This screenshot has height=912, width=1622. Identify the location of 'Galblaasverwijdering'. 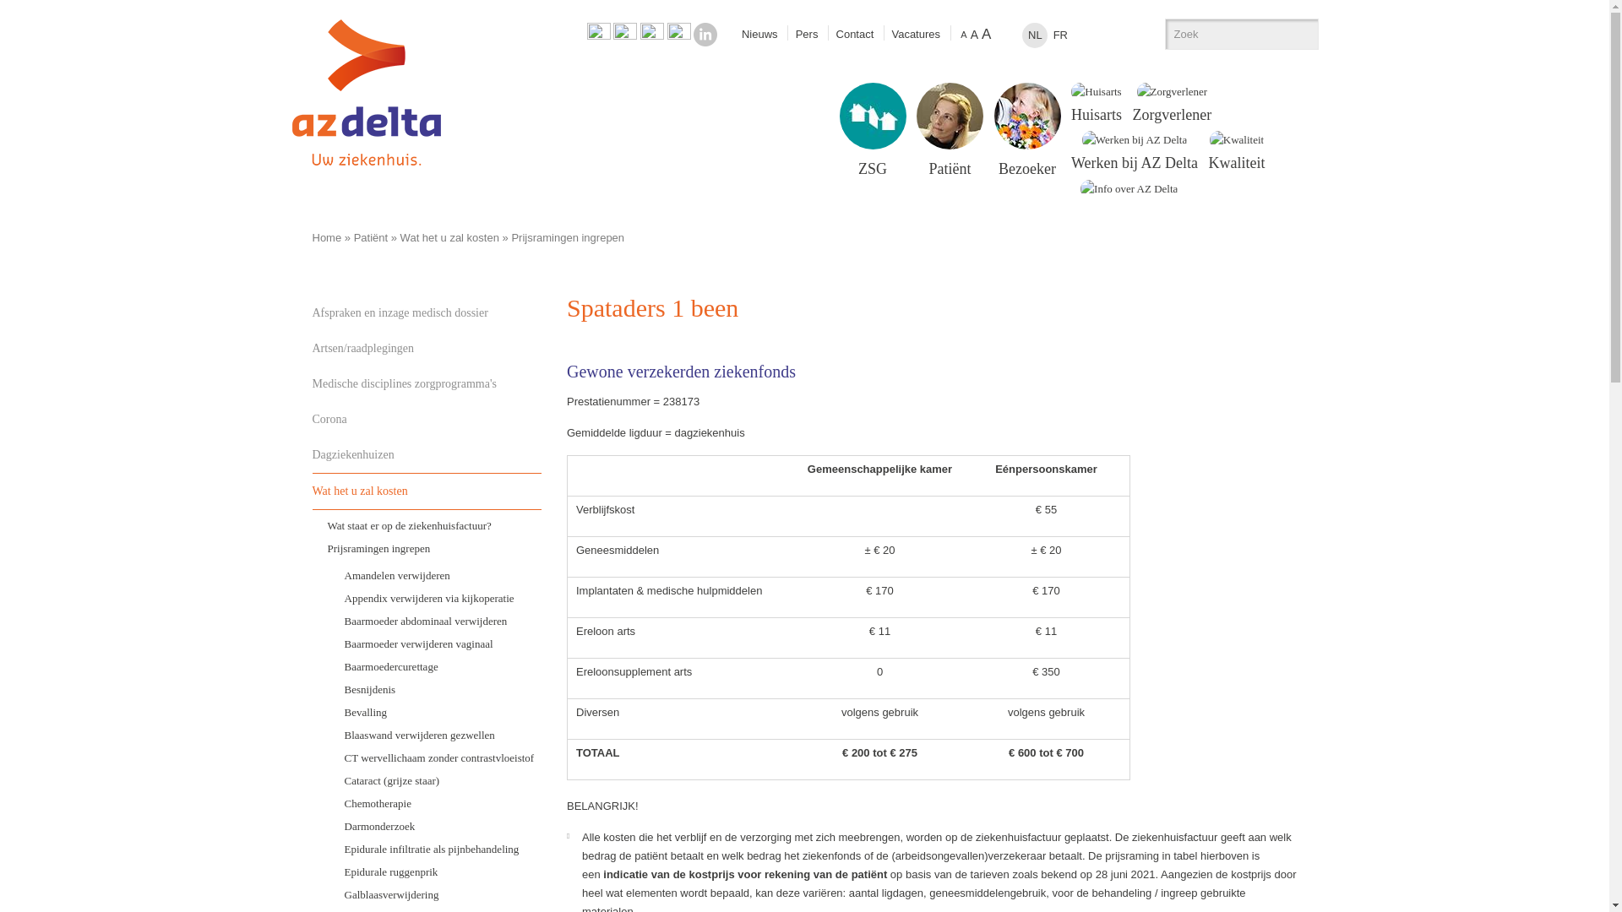
(435, 893).